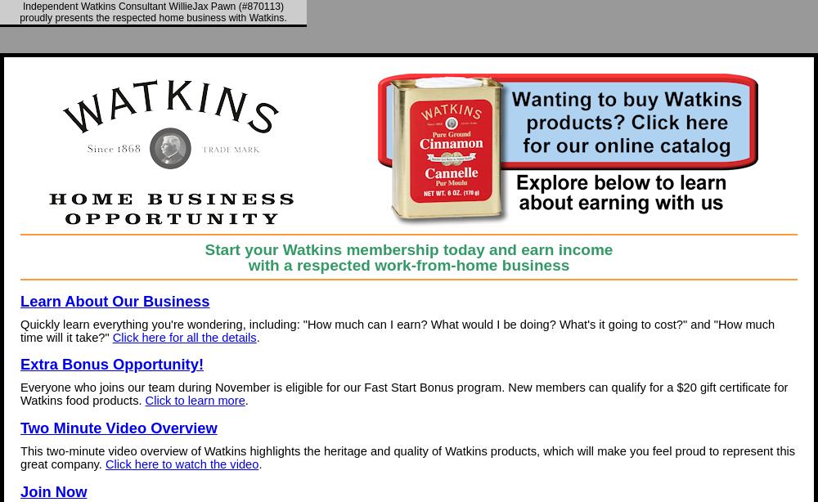 The image size is (818, 502). What do you see at coordinates (407, 457) in the screenshot?
I see `'This two-minute video overview of Watkins highlights the heritage and quality of Watkins products, which will make you feel proud to represent this great company.'` at bounding box center [407, 457].